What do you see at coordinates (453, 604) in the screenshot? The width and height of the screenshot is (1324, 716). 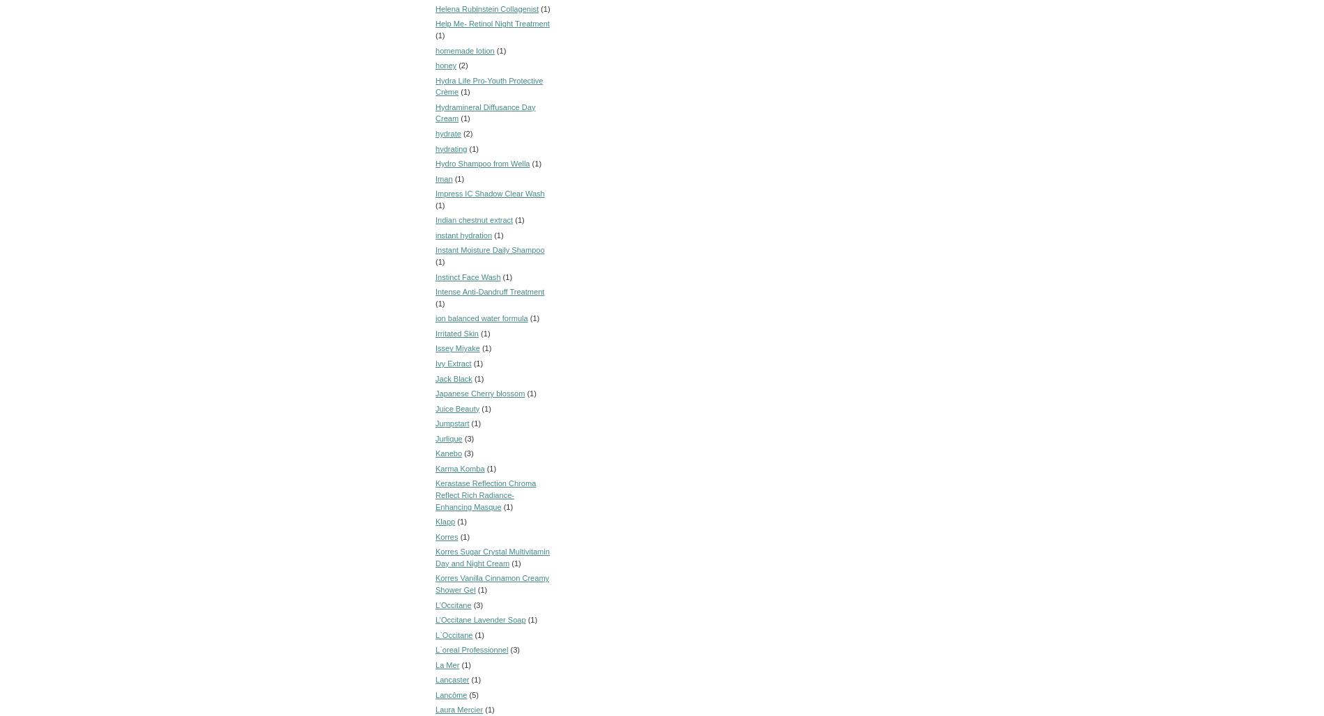 I see `'L’Occitane'` at bounding box center [453, 604].